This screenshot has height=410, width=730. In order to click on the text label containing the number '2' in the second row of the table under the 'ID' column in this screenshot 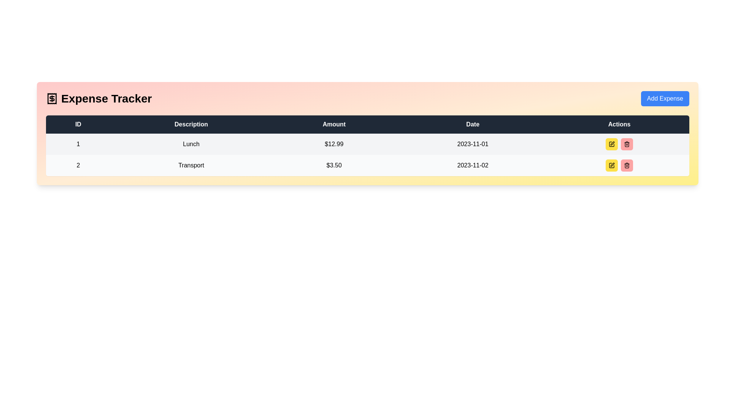, I will do `click(78, 165)`.